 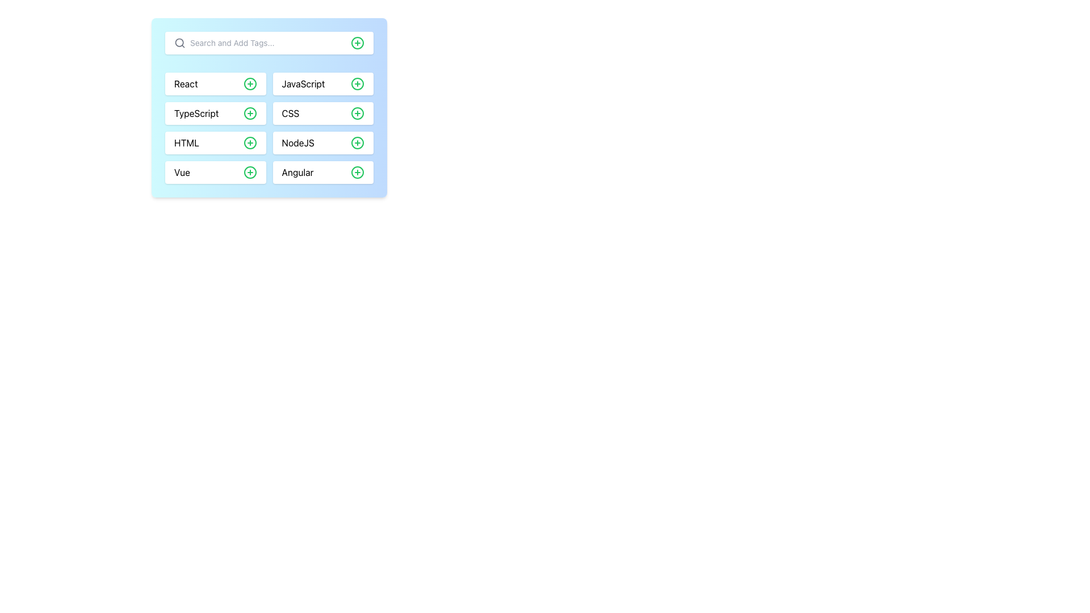 What do you see at coordinates (357, 142) in the screenshot?
I see `the button located to the right of the 'NodeJS' text` at bounding box center [357, 142].